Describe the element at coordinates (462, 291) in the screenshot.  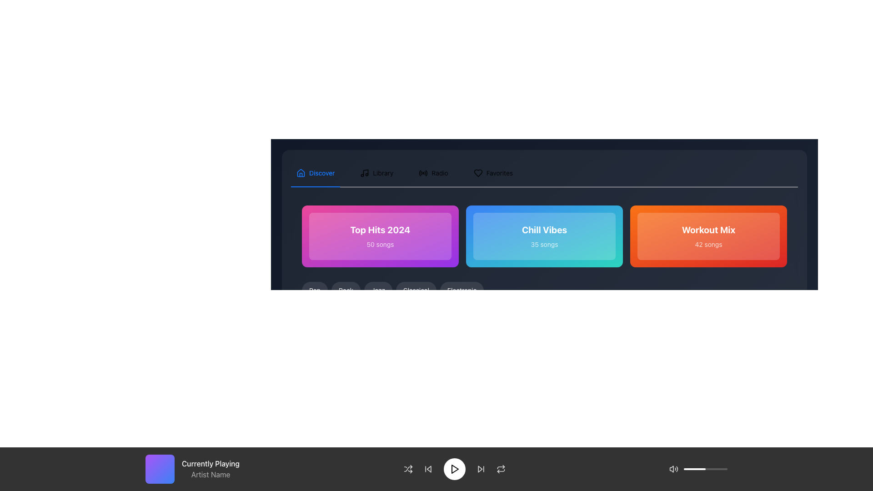
I see `the 'Electronic' button, which is a rounded button with a light text color on a darker background, positioned as the fifth button in a horizontal list of genre buttons` at that location.